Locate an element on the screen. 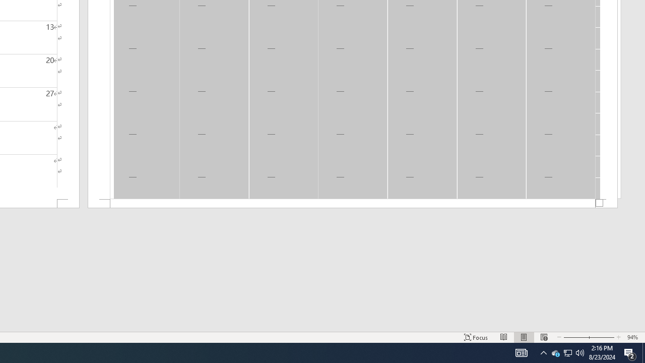 This screenshot has width=645, height=363. 'Focus ' is located at coordinates (475, 337).